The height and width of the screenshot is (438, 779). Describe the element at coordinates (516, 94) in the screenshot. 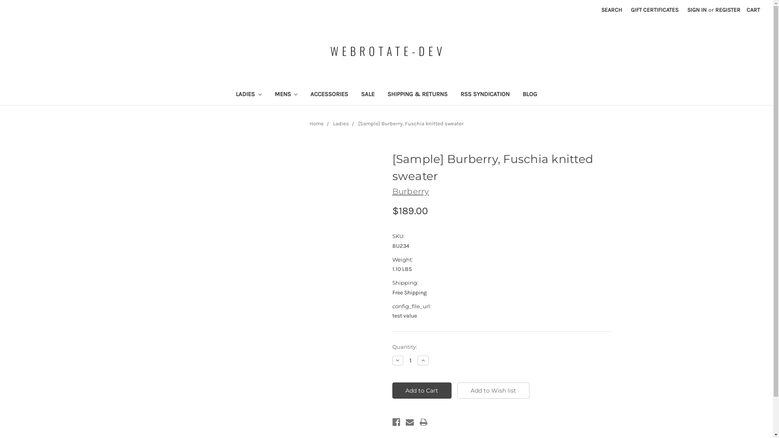

I see `'BLOG'` at that location.